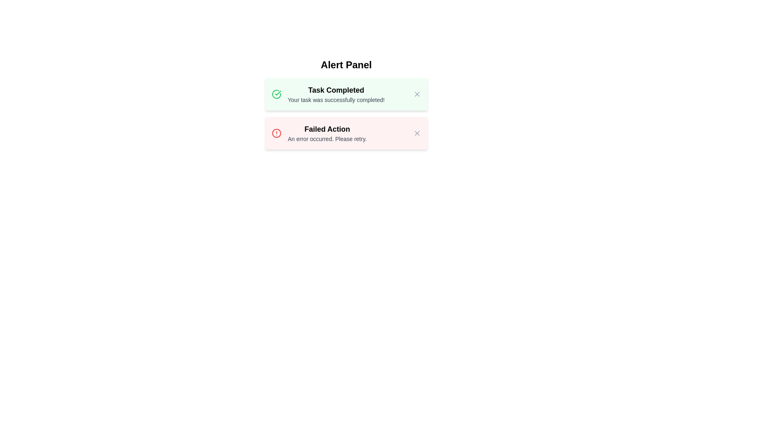  Describe the element at coordinates (276, 93) in the screenshot. I see `the circular green-bordered icon with a checkmark, located to the left of the 'Task Completed' heading in the notification panel` at that location.